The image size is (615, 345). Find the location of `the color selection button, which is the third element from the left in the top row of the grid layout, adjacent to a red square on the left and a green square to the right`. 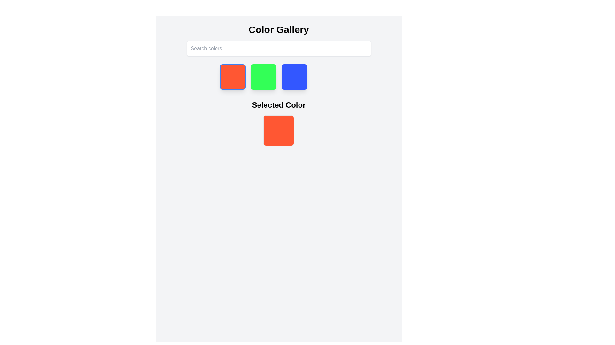

the color selection button, which is the third element from the left in the top row of the grid layout, adjacent to a red square on the left and a green square to the right is located at coordinates (294, 76).